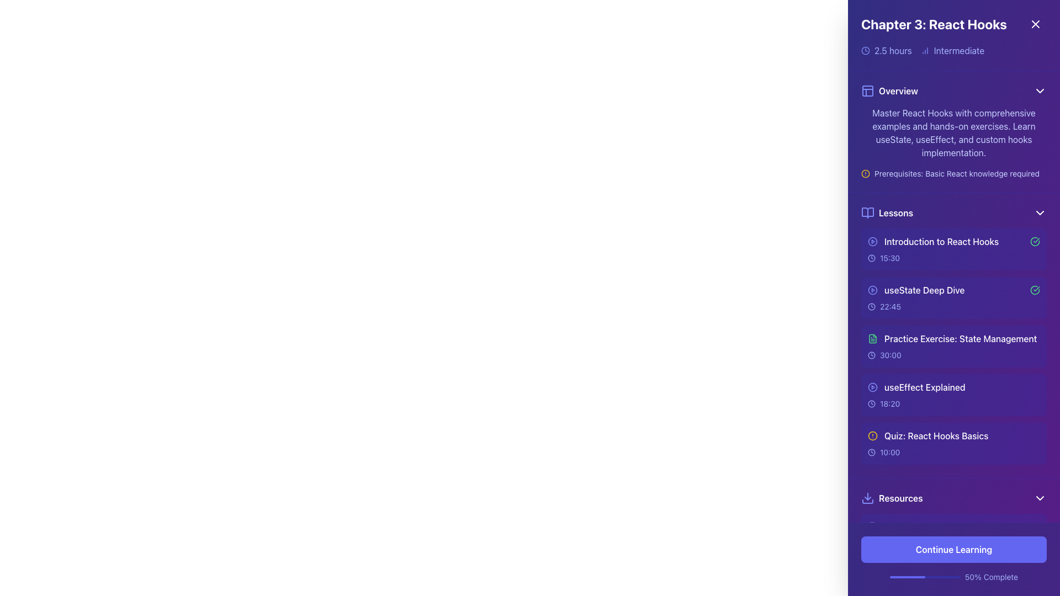 The width and height of the screenshot is (1060, 596). Describe the element at coordinates (928, 435) in the screenshot. I see `the label that displays the text 'Quiz: React Hooks Basics' with a yellow exclamation mark icon` at that location.